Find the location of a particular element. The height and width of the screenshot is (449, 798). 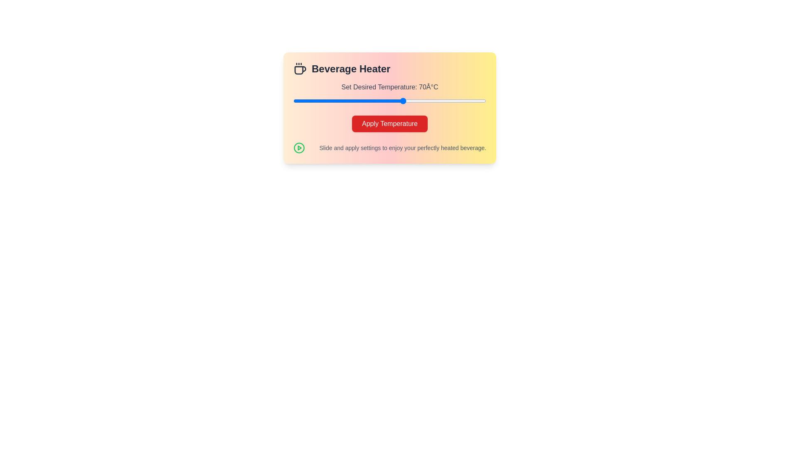

the temperature slider to set the desired temperature to 37°C is located at coordinates (312, 101).